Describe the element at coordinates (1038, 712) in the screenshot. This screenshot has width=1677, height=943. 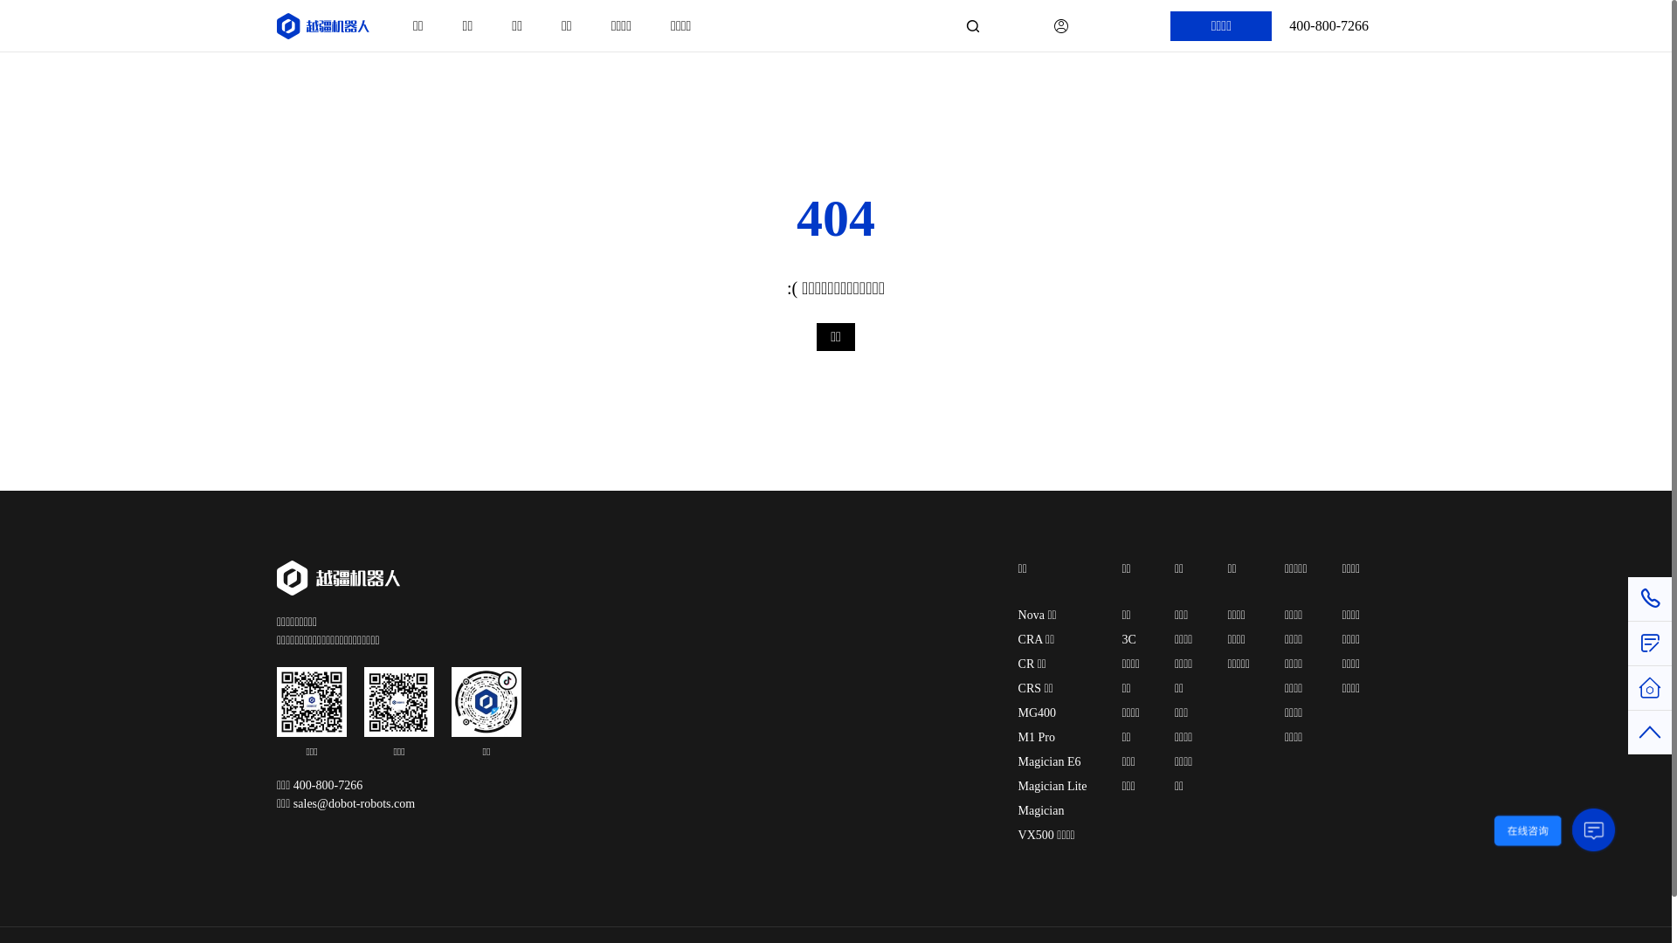
I see `'MG400'` at that location.